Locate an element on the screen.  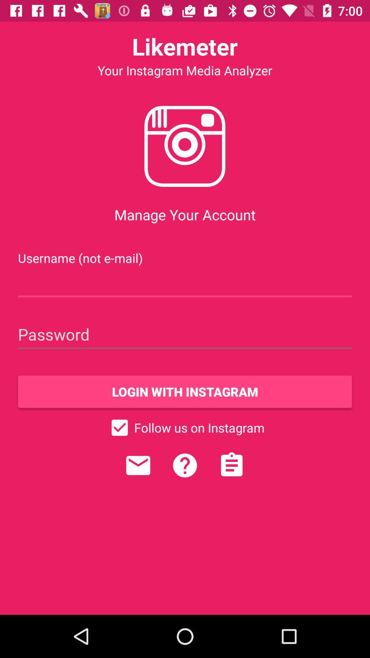
icon below the login with instagram item is located at coordinates (185, 427).